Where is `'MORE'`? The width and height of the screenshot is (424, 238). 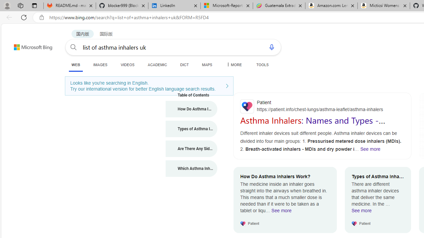
'MORE' is located at coordinates (234, 64).